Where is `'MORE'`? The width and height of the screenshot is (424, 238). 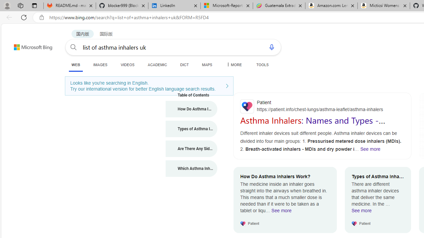
'MORE' is located at coordinates (234, 64).